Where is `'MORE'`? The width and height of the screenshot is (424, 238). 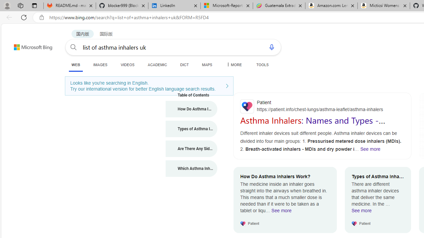
'MORE' is located at coordinates (234, 64).